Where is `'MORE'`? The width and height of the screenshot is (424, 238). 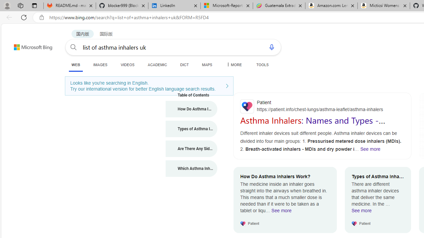
'MORE' is located at coordinates (234, 64).